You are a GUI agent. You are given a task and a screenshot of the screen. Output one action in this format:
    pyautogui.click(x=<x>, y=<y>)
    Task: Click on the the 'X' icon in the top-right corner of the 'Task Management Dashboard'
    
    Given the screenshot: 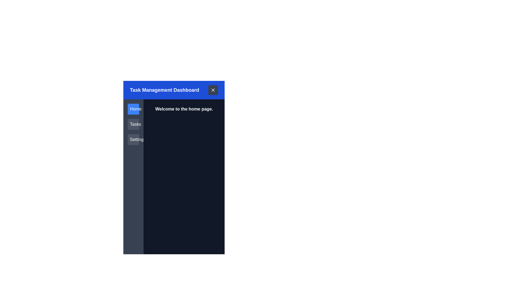 What is the action you would take?
    pyautogui.click(x=213, y=90)
    